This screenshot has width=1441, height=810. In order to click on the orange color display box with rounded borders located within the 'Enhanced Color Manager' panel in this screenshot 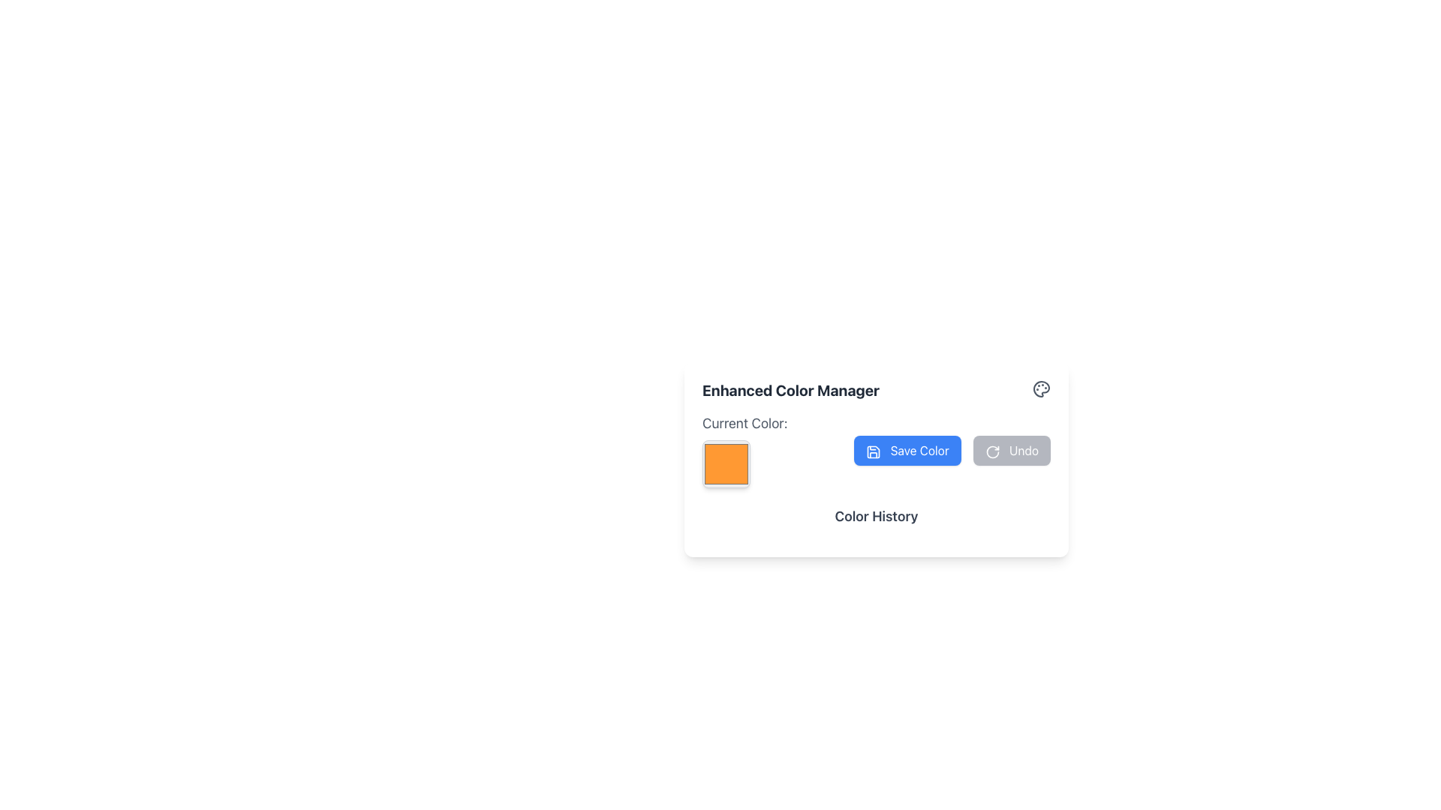, I will do `click(727, 463)`.